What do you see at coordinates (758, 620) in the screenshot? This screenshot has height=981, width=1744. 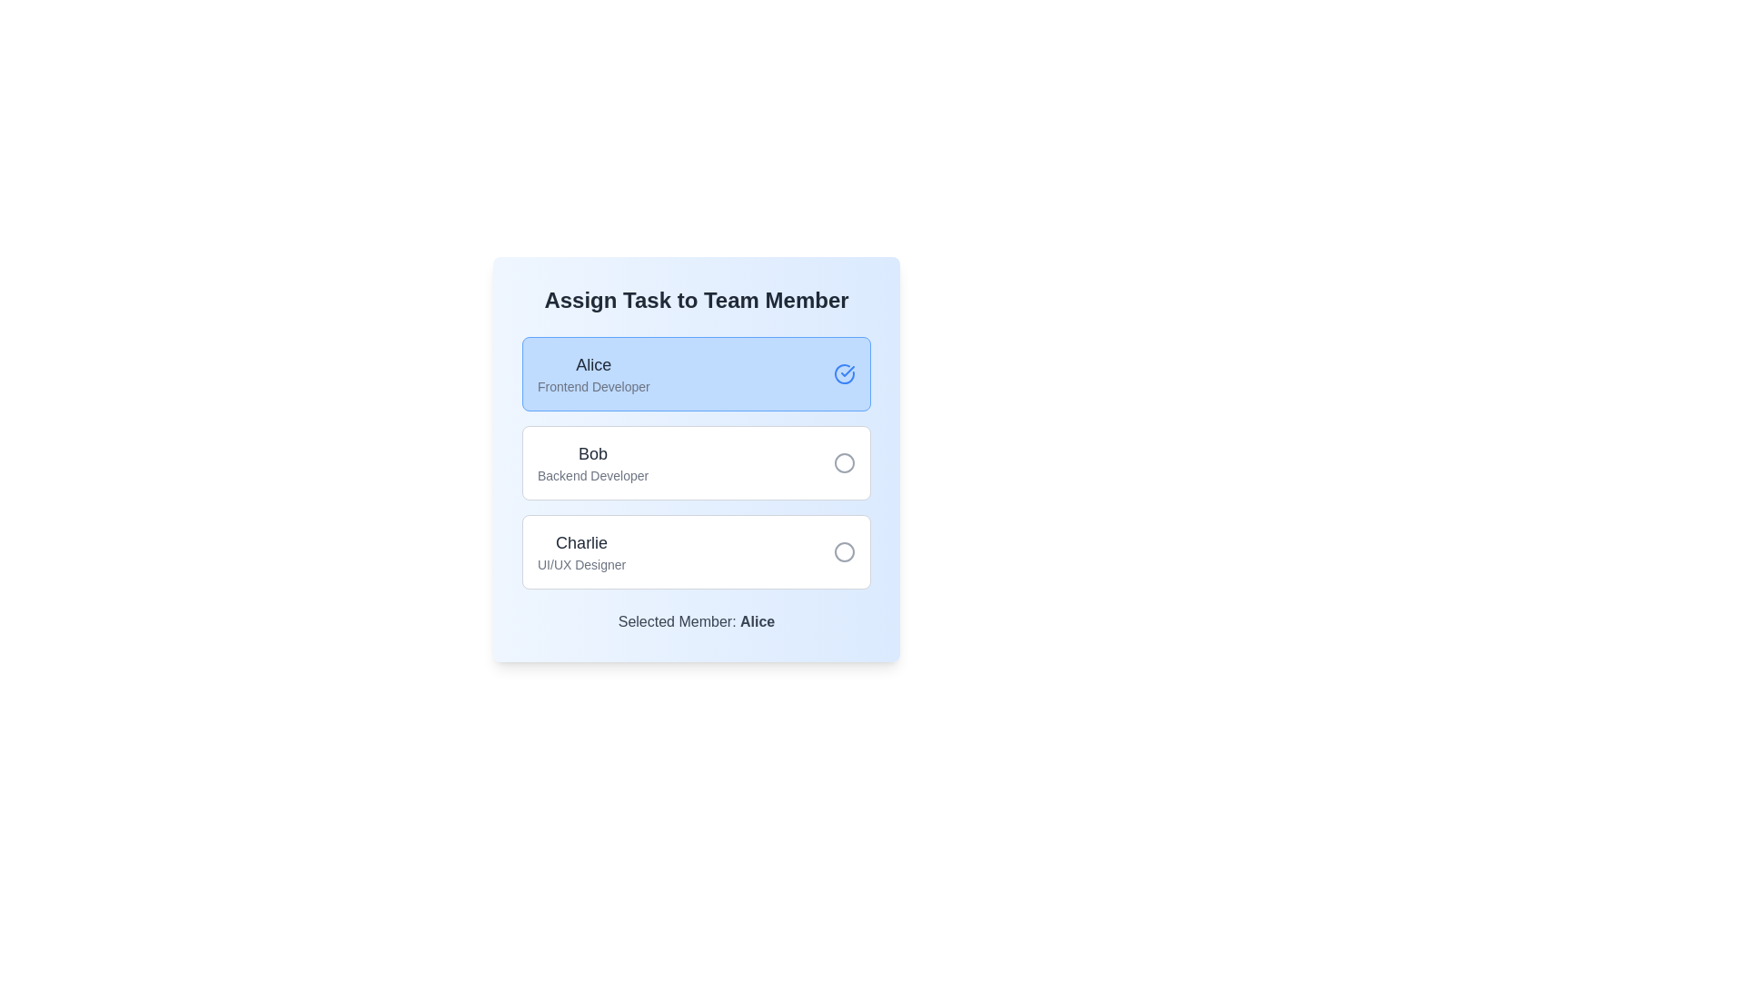 I see `the text label indicating the currently selected member, which displays 'Selected Member: Alice', located towards the lower part of the interface` at bounding box center [758, 620].